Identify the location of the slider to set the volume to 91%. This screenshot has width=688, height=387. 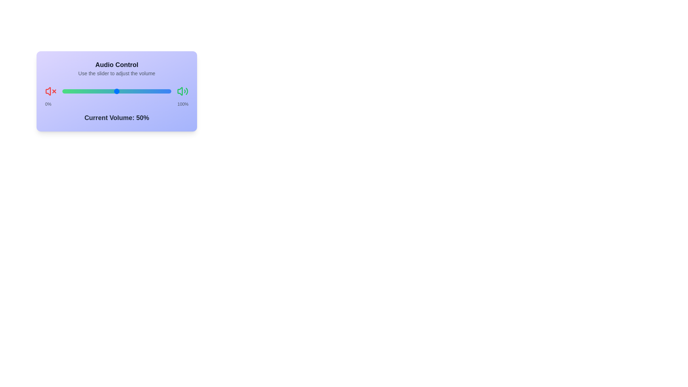
(161, 91).